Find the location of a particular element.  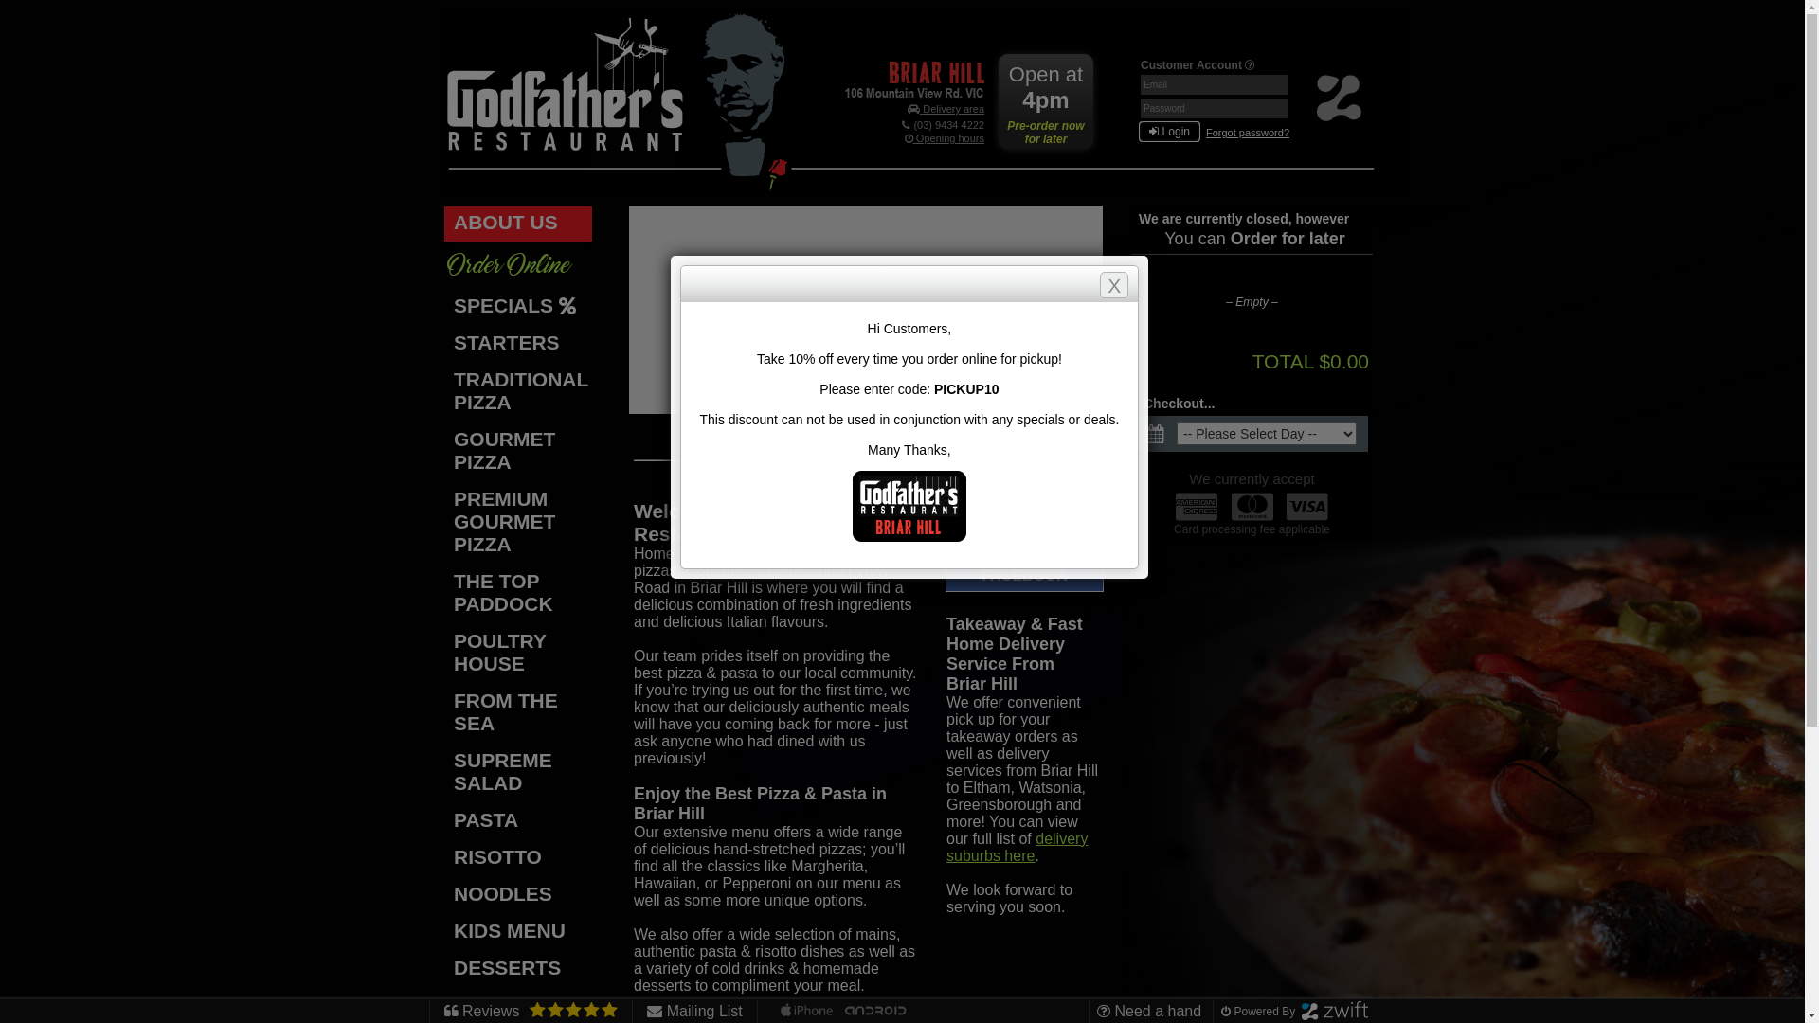

'KIDS MENU' is located at coordinates (518, 931).